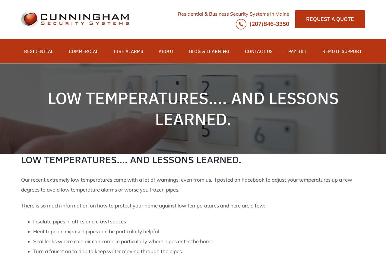 The height and width of the screenshot is (264, 386). I want to click on 'CONTACT US', so click(258, 51).